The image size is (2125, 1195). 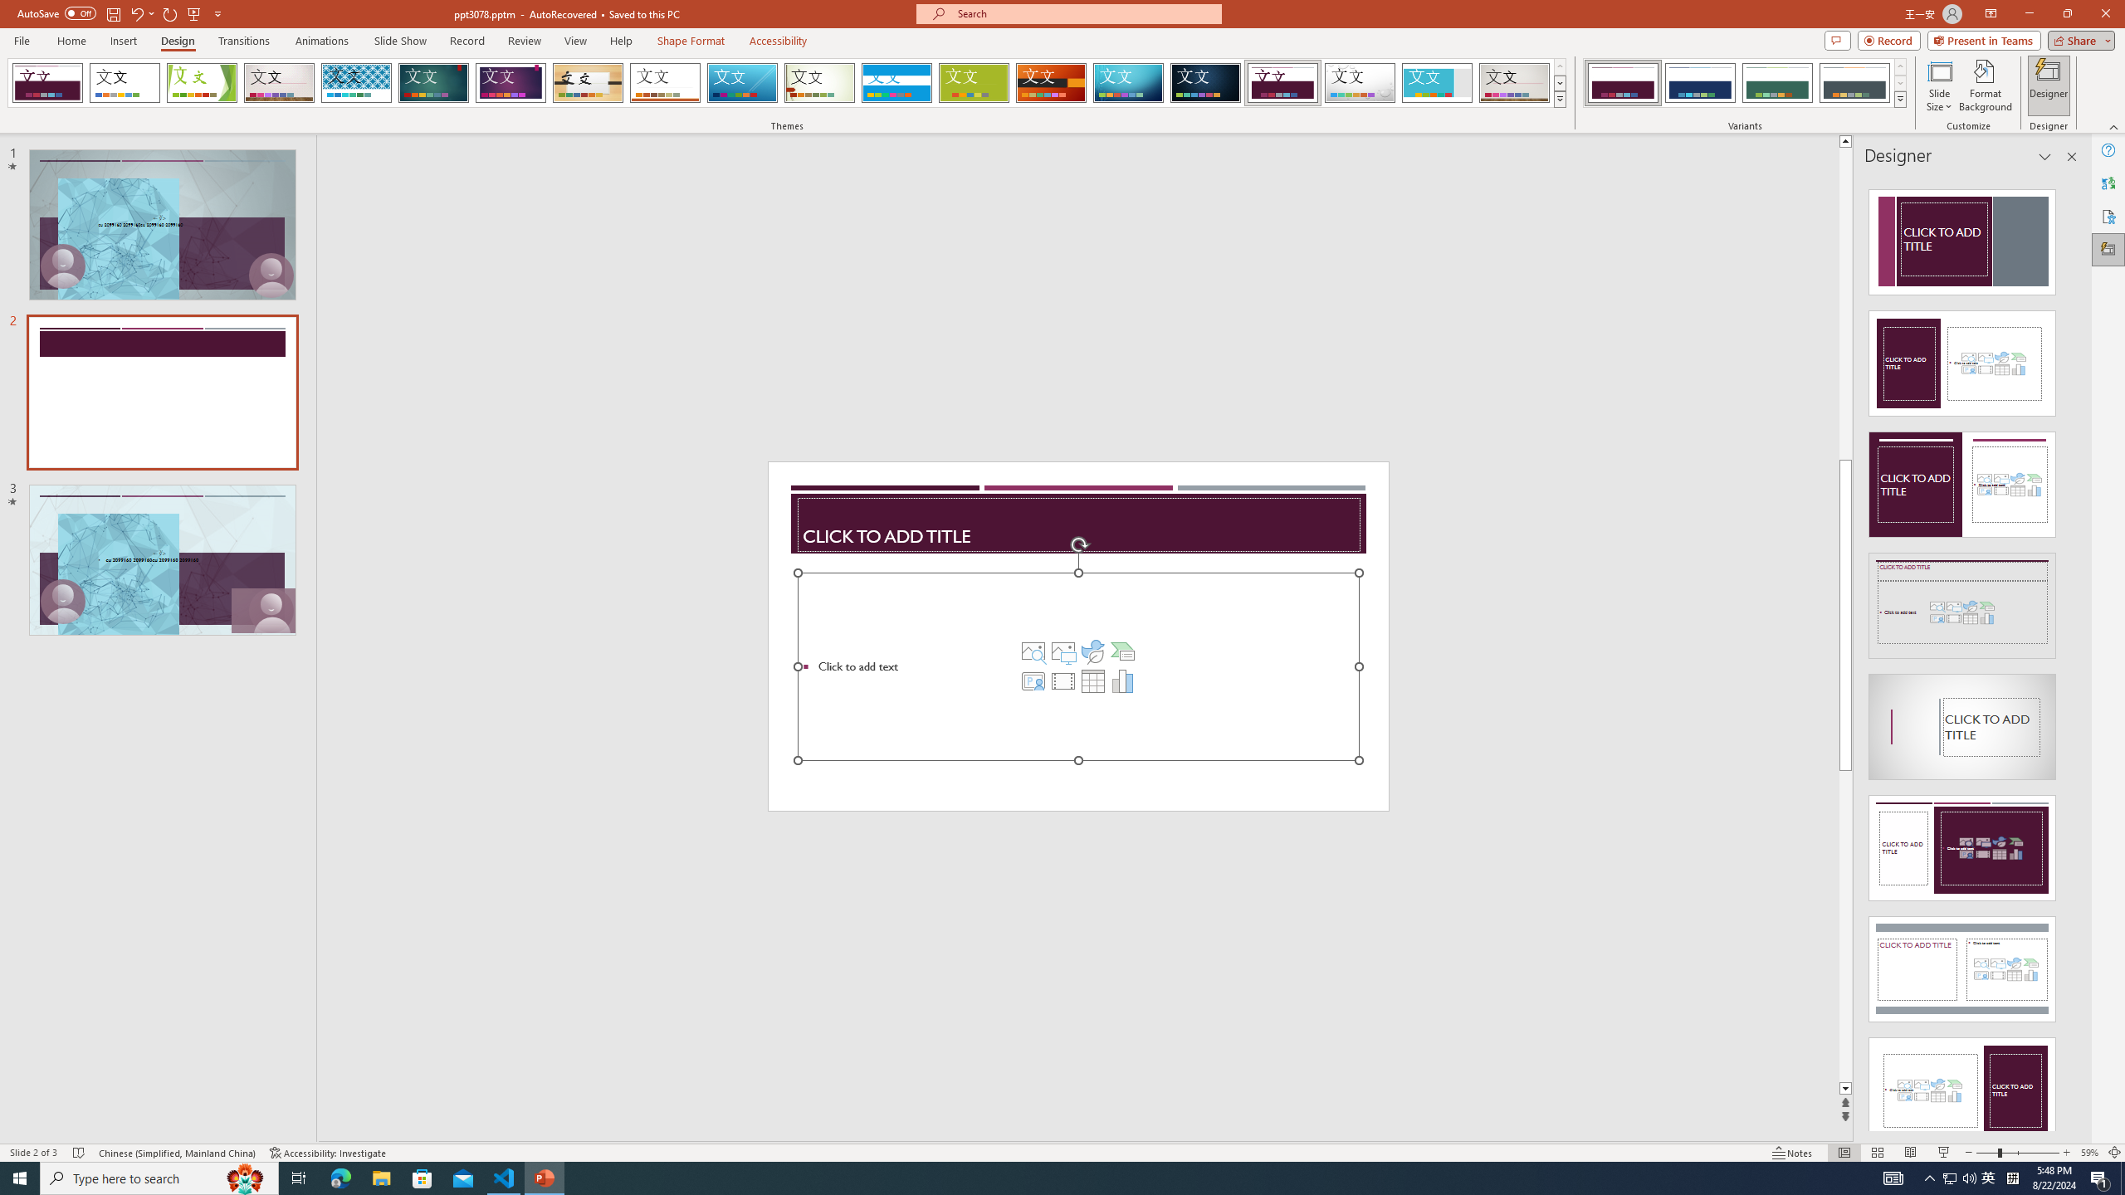 I want to click on 'Insert Chart', so click(x=1122, y=680).